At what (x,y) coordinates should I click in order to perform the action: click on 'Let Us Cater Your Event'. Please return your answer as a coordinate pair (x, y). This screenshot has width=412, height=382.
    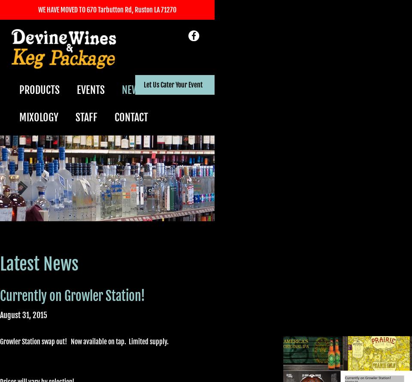
    Looking at the image, I should click on (173, 84).